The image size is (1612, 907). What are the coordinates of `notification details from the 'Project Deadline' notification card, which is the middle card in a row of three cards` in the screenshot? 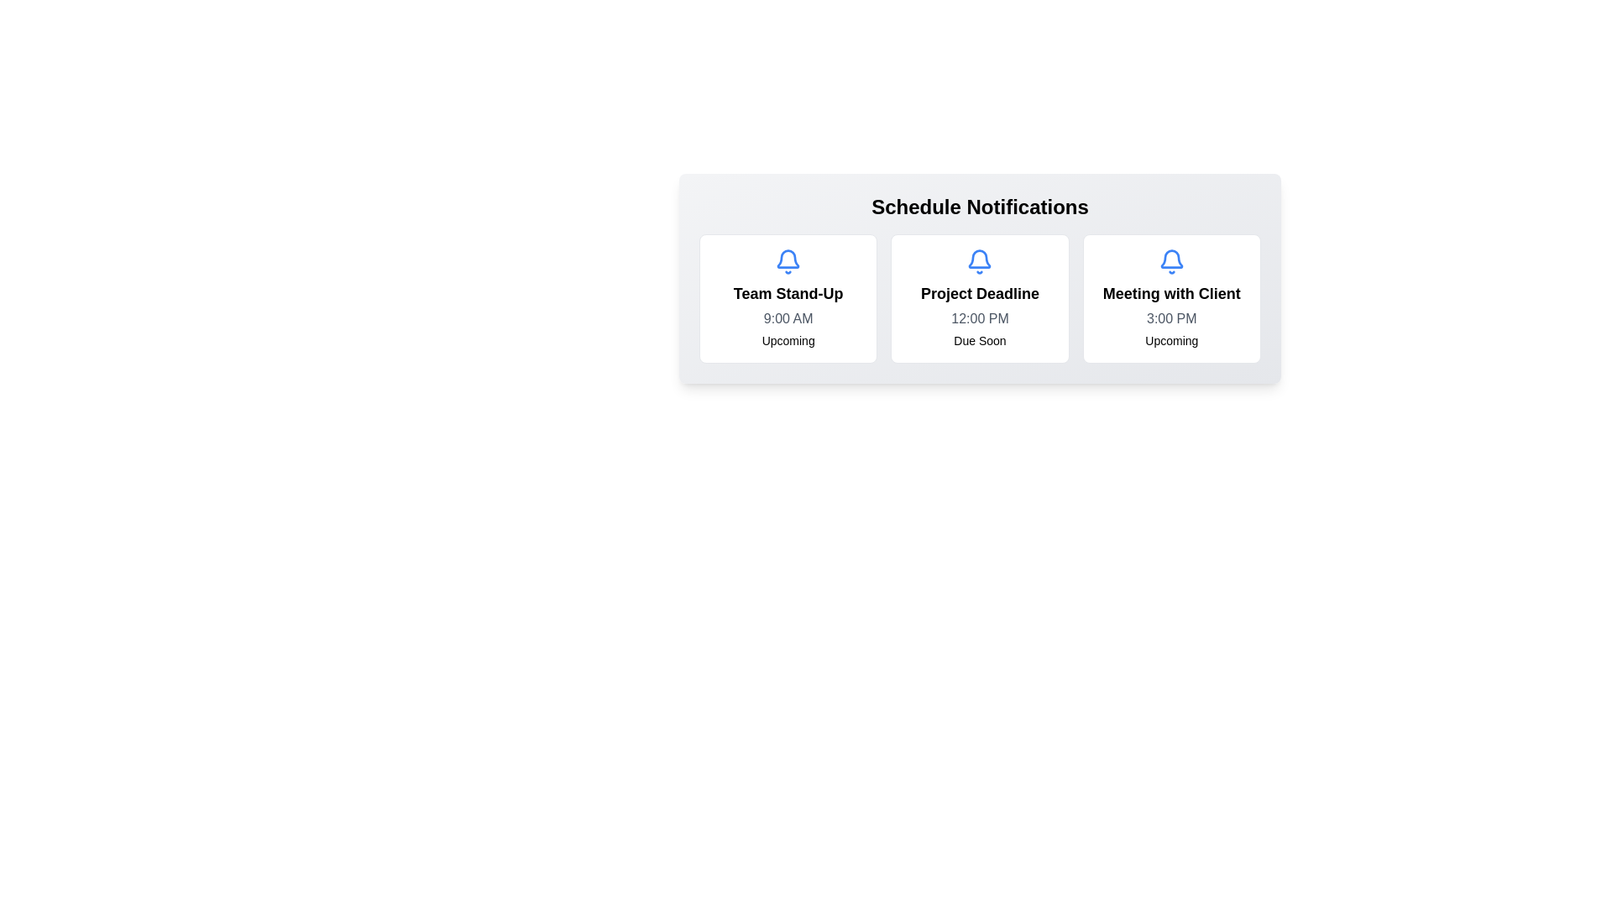 It's located at (980, 297).